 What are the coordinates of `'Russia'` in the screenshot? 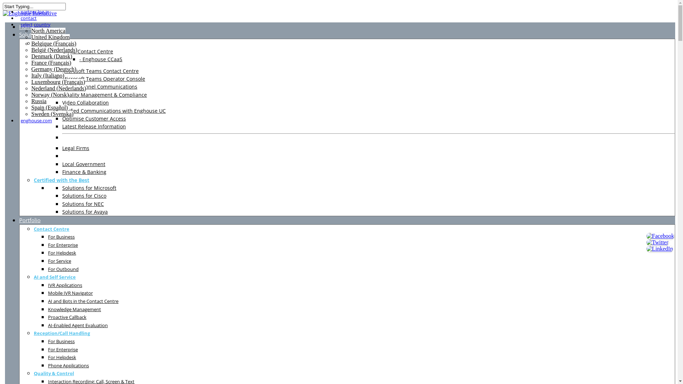 It's located at (31, 101).